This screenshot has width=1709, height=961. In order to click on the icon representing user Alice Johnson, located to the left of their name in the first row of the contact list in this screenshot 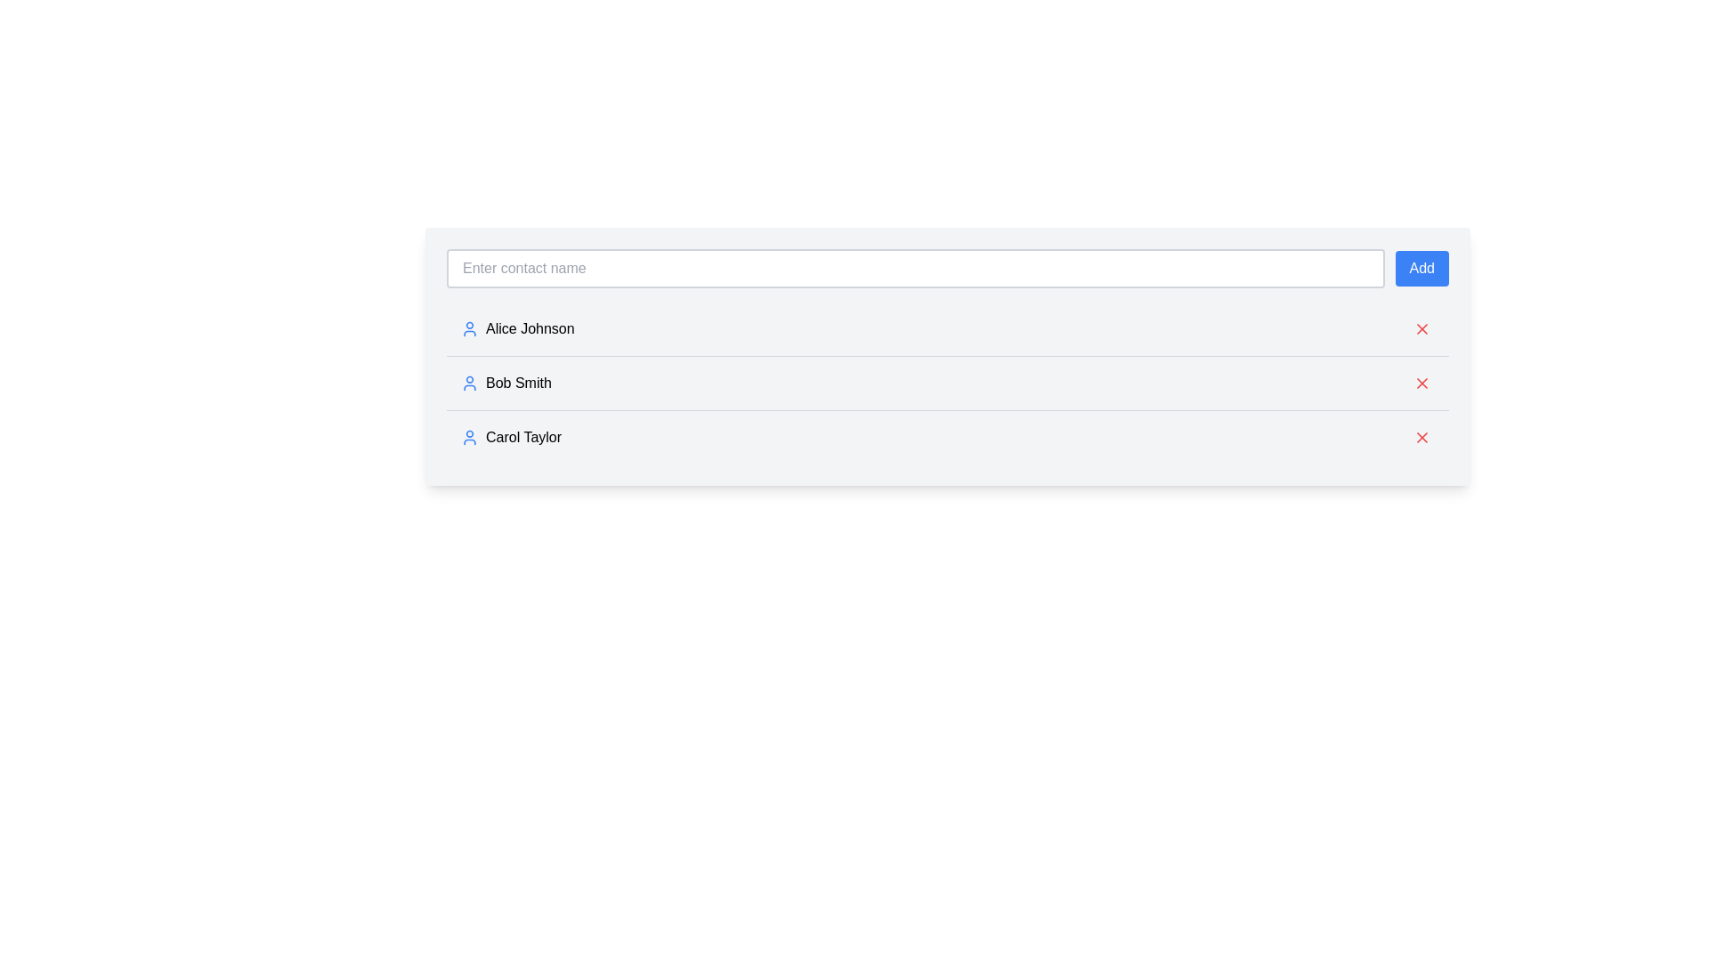, I will do `click(470, 329)`.